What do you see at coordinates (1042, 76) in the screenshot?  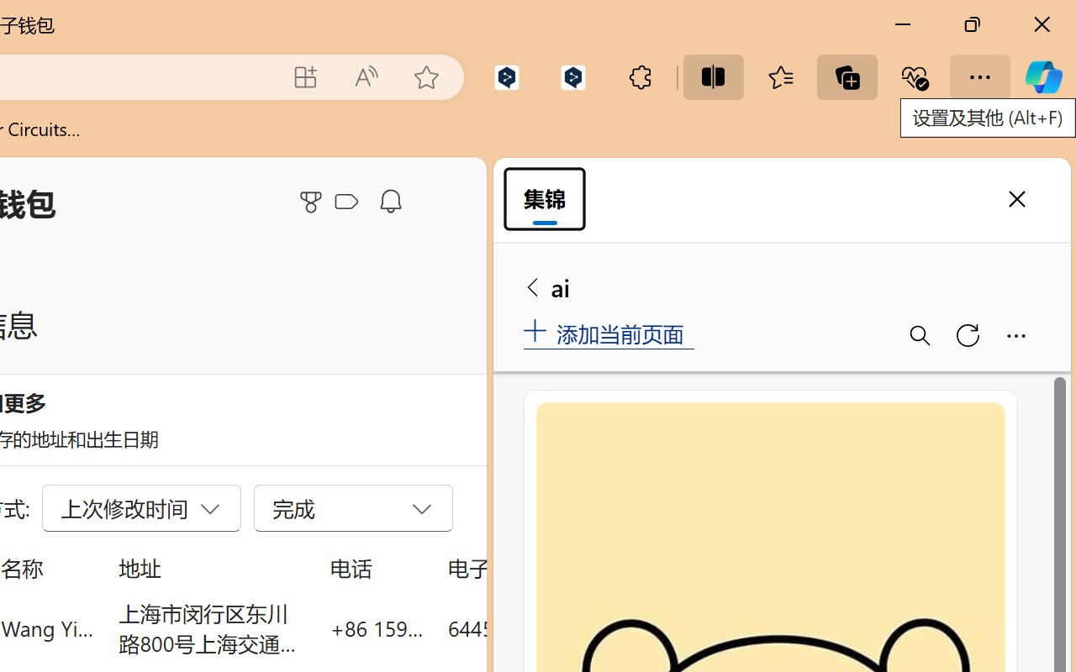 I see `'Copilot (Ctrl+Shift+.)'` at bounding box center [1042, 76].